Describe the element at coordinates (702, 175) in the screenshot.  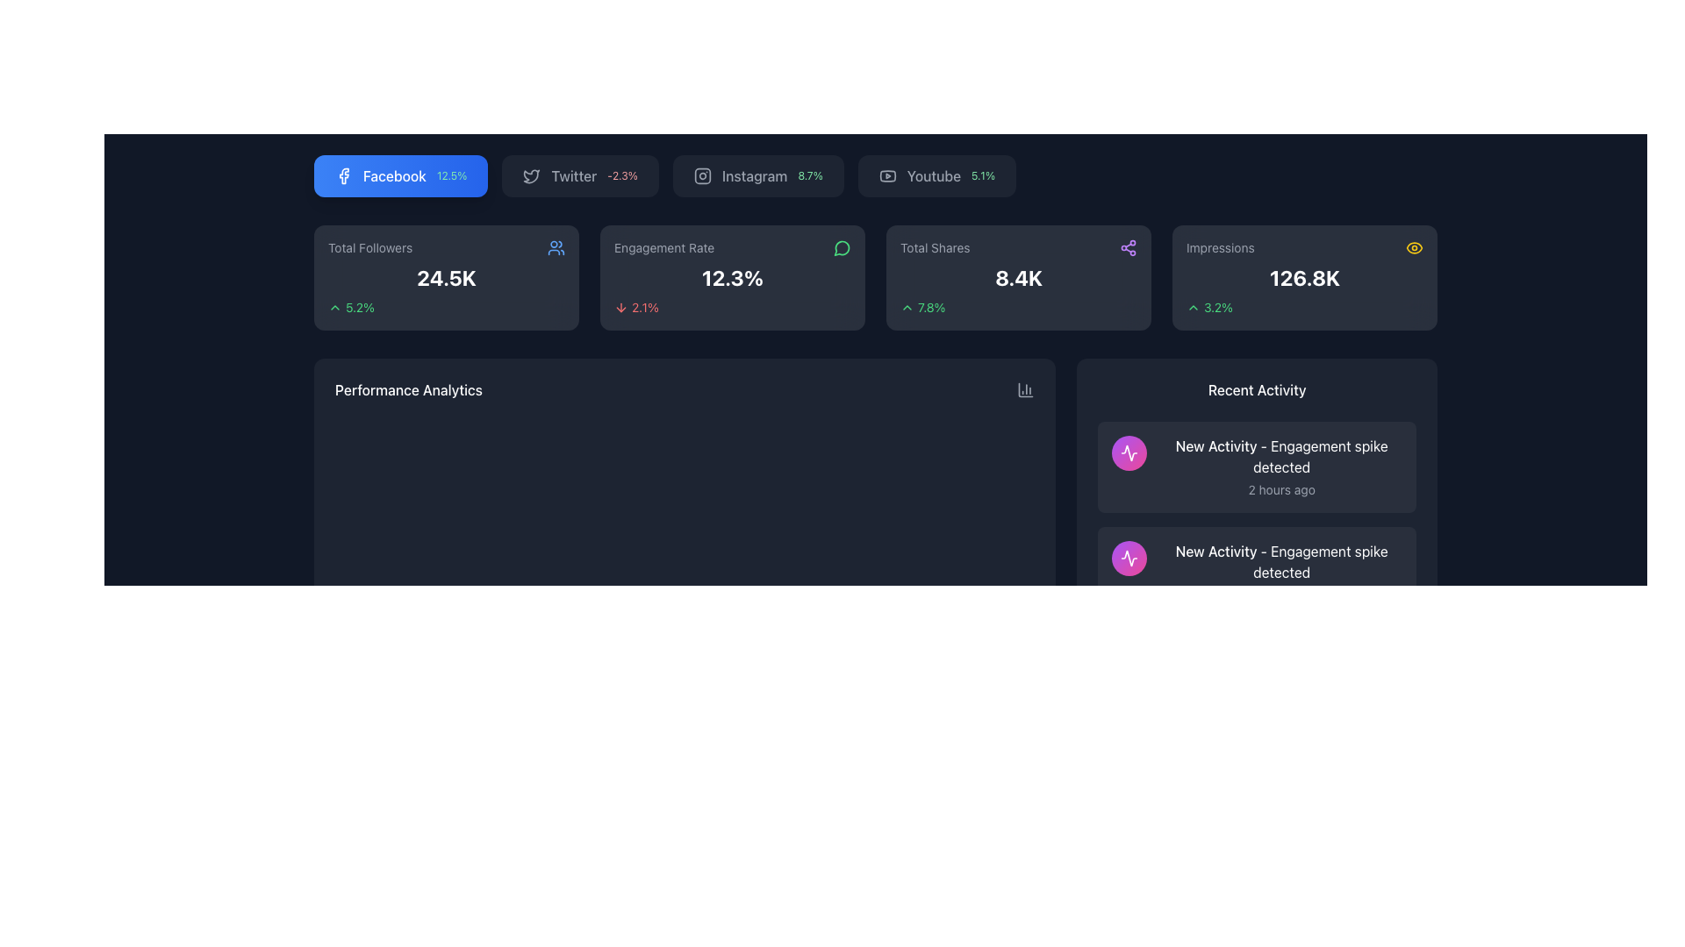
I see `the Instagram icon located as the third button from the left in the menu bar, which is situated between the Twitter and YouTube buttons` at that location.